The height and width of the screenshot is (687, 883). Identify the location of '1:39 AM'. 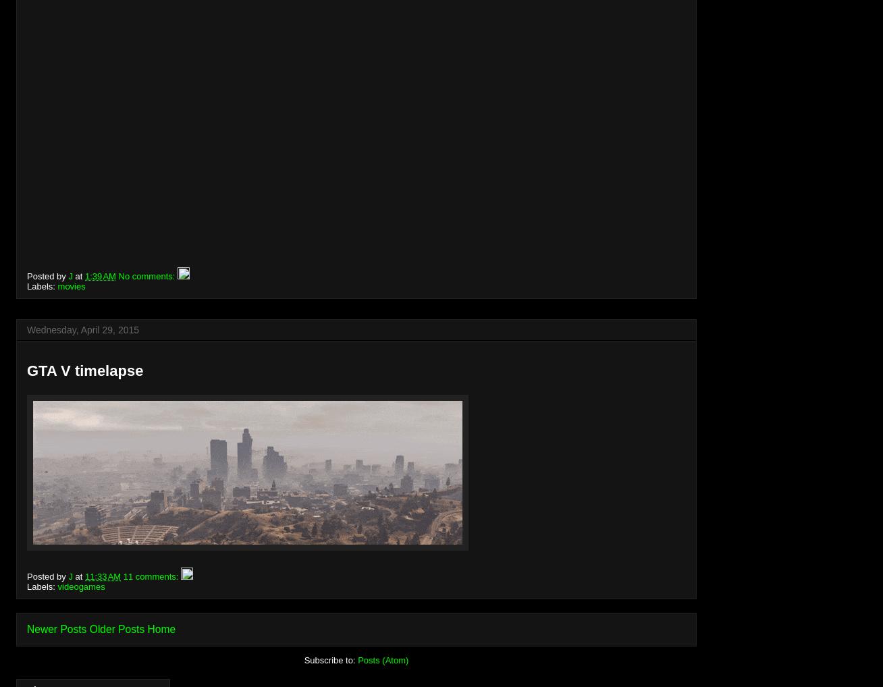
(99, 275).